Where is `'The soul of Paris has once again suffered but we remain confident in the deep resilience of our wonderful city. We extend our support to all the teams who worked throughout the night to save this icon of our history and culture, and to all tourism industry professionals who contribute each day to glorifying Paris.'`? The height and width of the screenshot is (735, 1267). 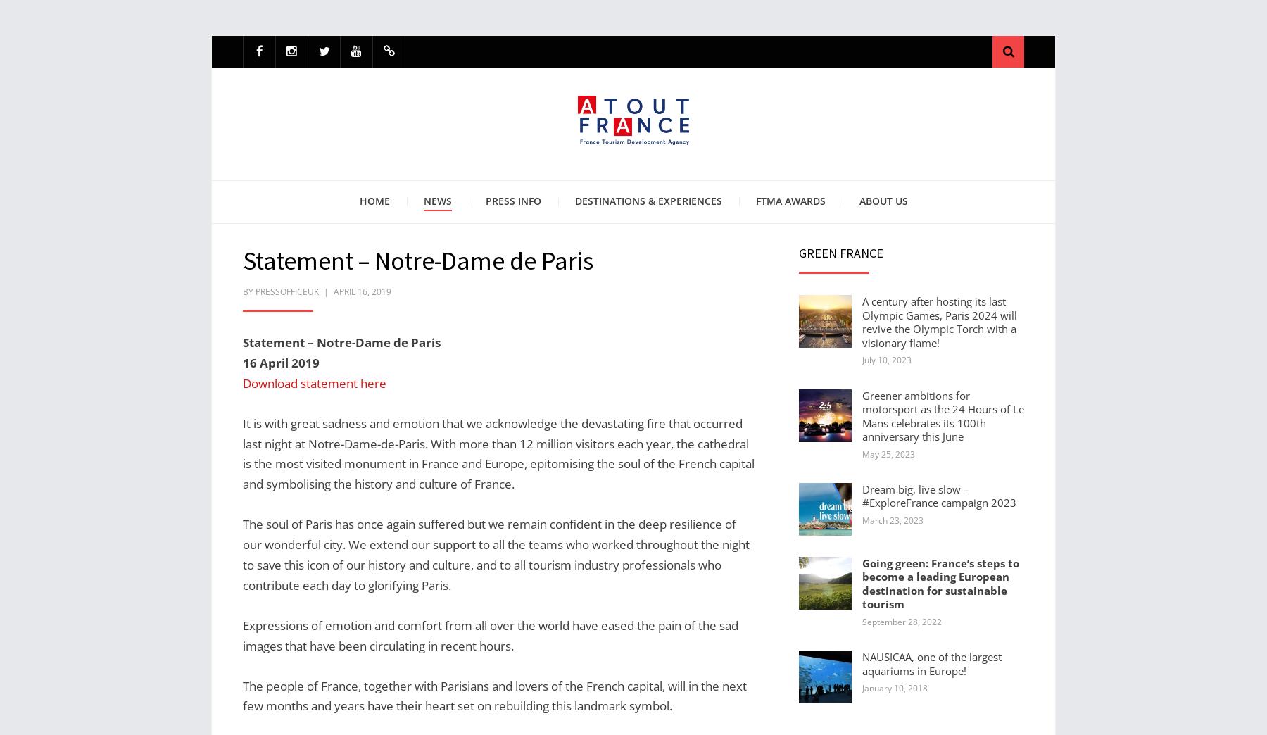
'The soul of Paris has once again suffered but we remain confident in the deep resilience of our wonderful city. We extend our support to all the teams who worked throughout the night to save this icon of our history and culture, and to all tourism industry professionals who contribute each day to glorifying Paris.' is located at coordinates (496, 553).